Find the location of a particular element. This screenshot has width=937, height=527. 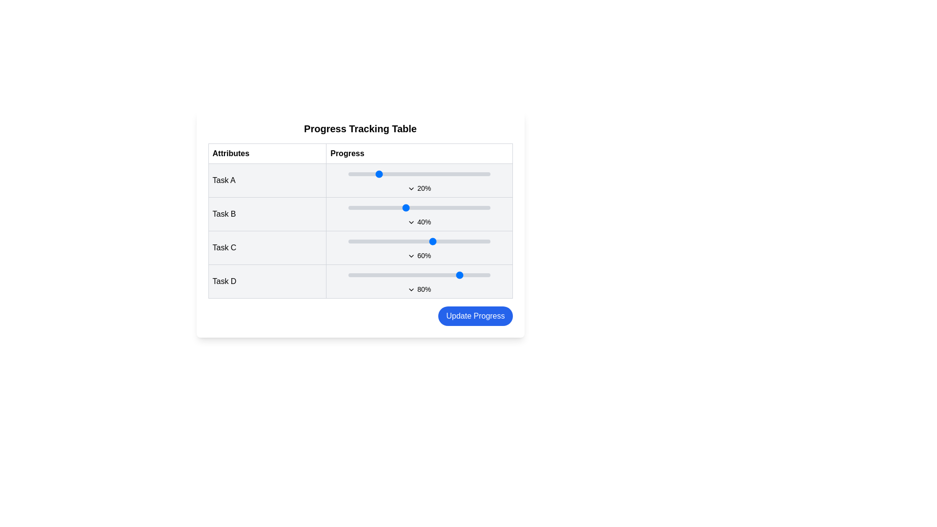

the progress of Task B is located at coordinates (476, 207).